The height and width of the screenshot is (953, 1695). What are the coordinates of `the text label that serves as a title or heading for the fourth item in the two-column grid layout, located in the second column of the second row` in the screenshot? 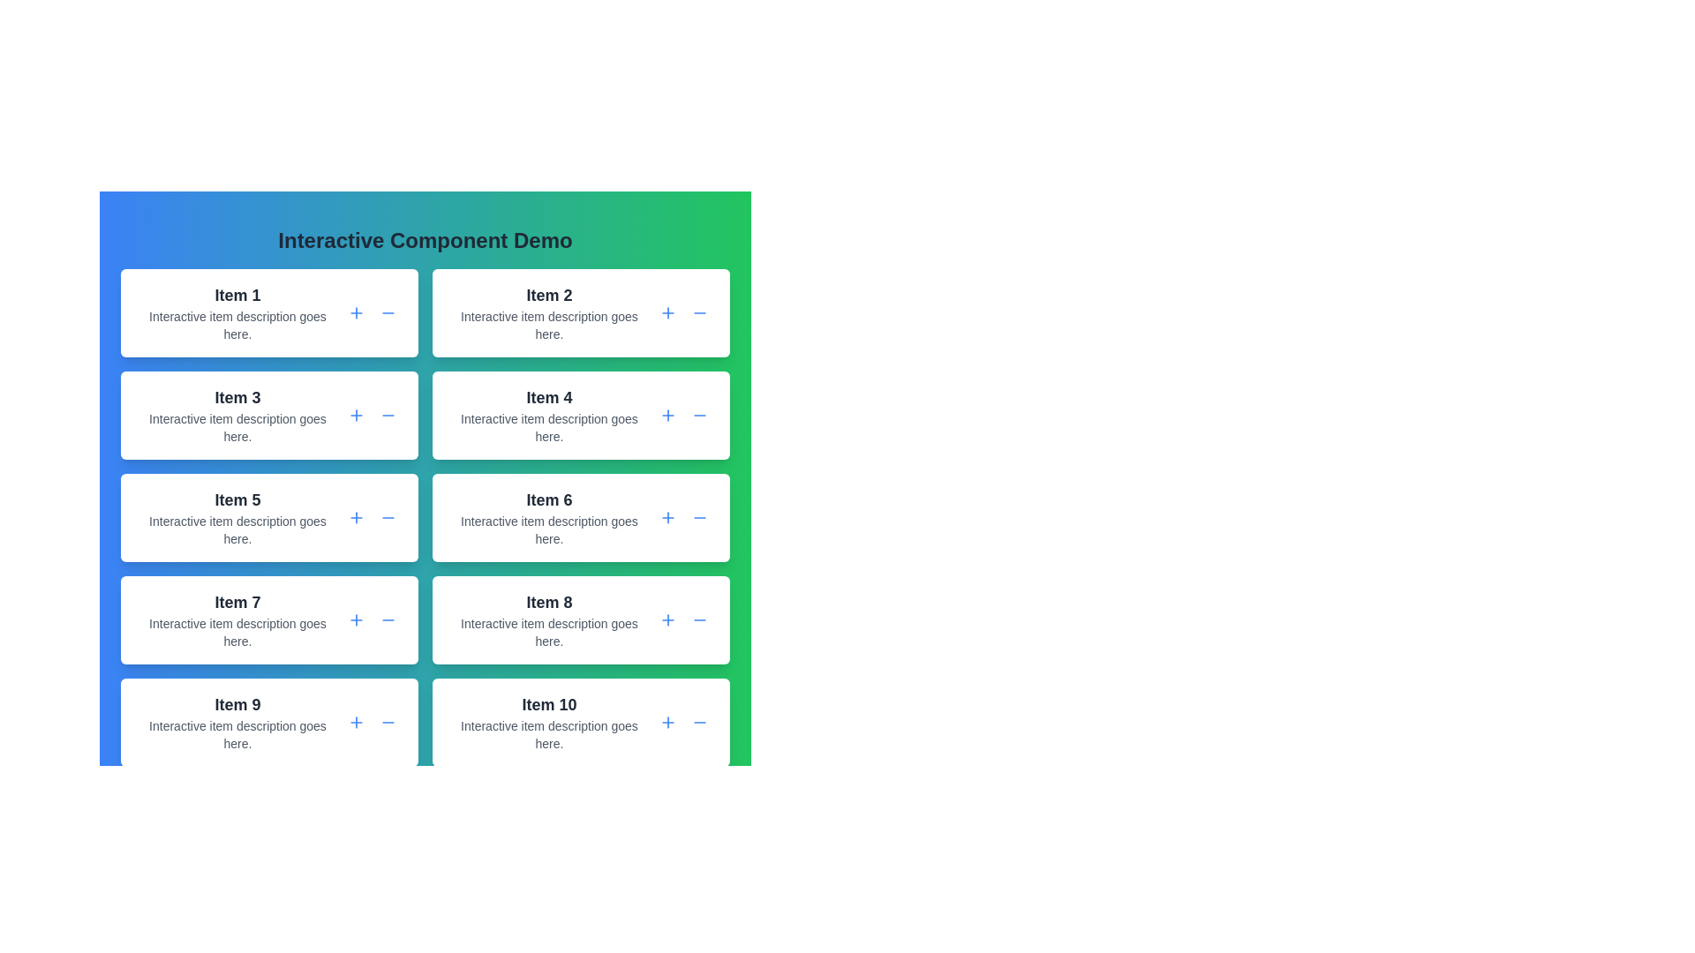 It's located at (548, 398).